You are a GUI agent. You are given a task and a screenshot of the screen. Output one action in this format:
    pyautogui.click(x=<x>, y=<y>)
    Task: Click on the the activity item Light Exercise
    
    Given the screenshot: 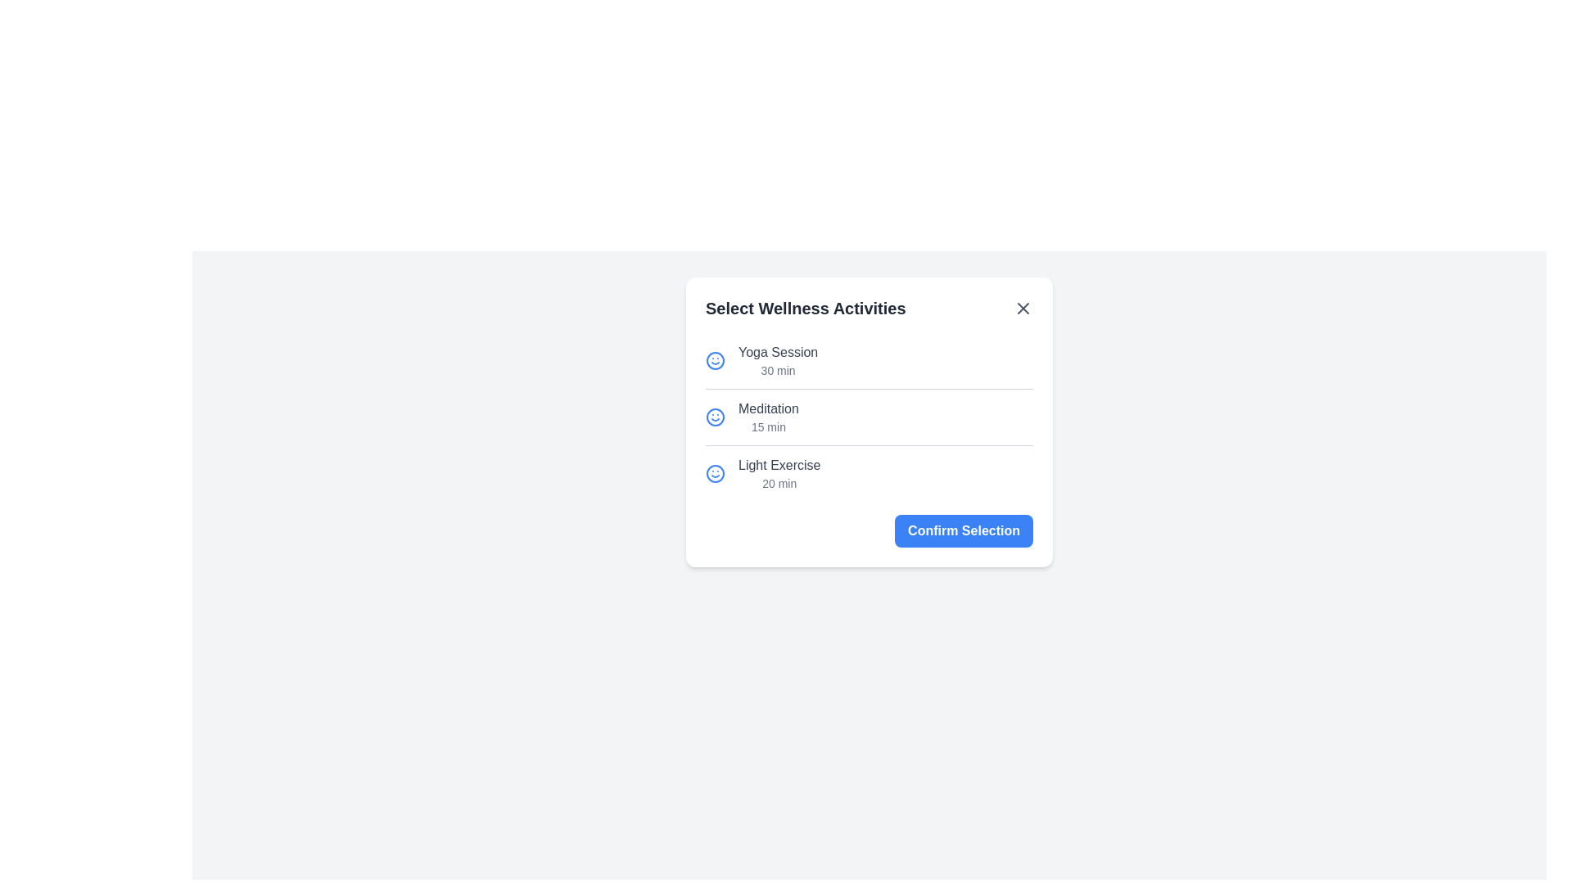 What is the action you would take?
    pyautogui.click(x=761, y=473)
    